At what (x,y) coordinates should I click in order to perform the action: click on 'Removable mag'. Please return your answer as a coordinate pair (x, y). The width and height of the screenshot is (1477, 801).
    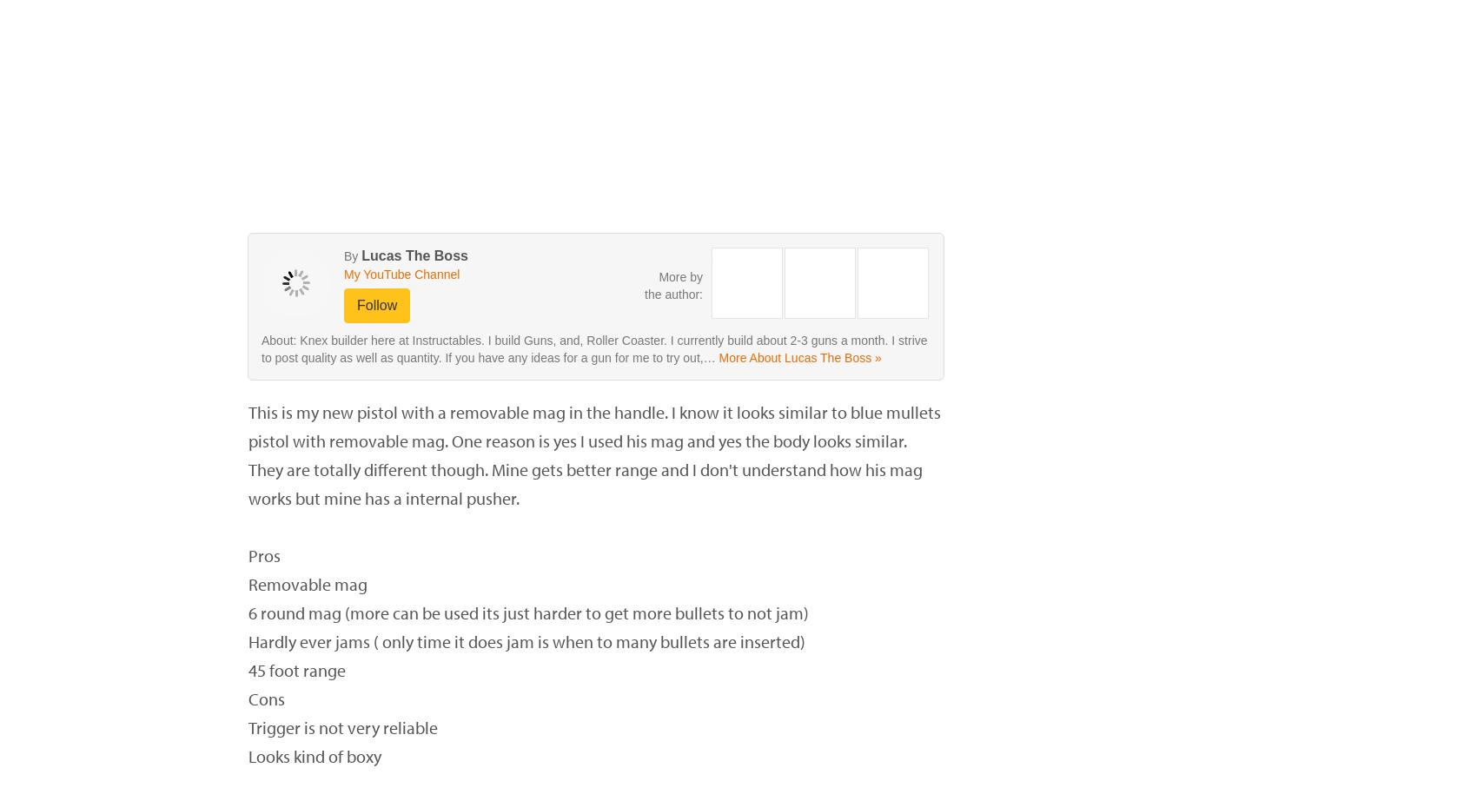
    Looking at the image, I should click on (307, 584).